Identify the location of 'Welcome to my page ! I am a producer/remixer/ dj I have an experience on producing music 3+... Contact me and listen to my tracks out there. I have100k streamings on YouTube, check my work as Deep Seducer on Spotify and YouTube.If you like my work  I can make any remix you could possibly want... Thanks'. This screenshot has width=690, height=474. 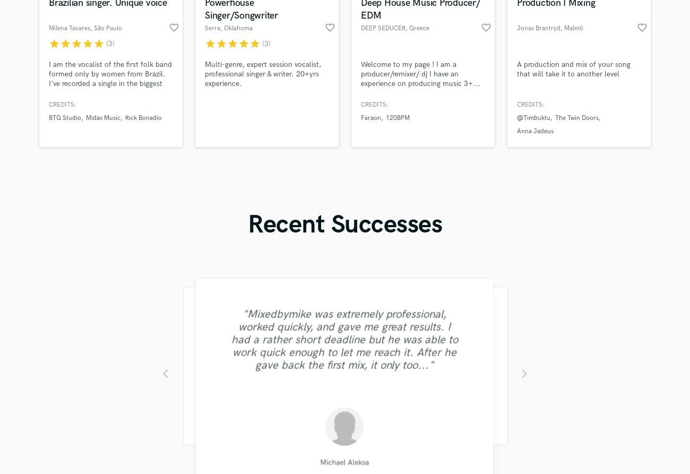
(420, 107).